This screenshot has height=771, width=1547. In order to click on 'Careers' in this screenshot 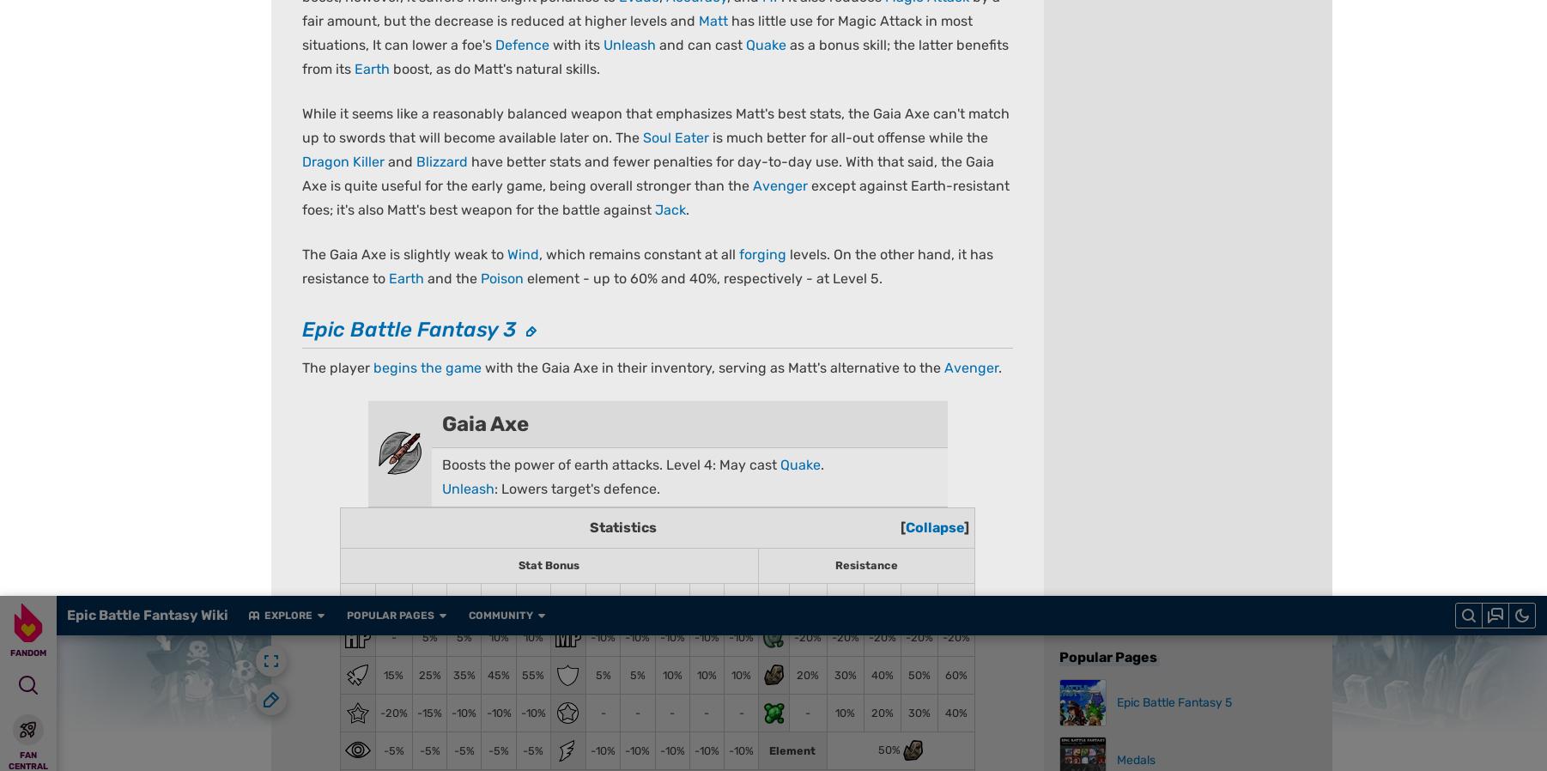, I will do `click(616, 664)`.